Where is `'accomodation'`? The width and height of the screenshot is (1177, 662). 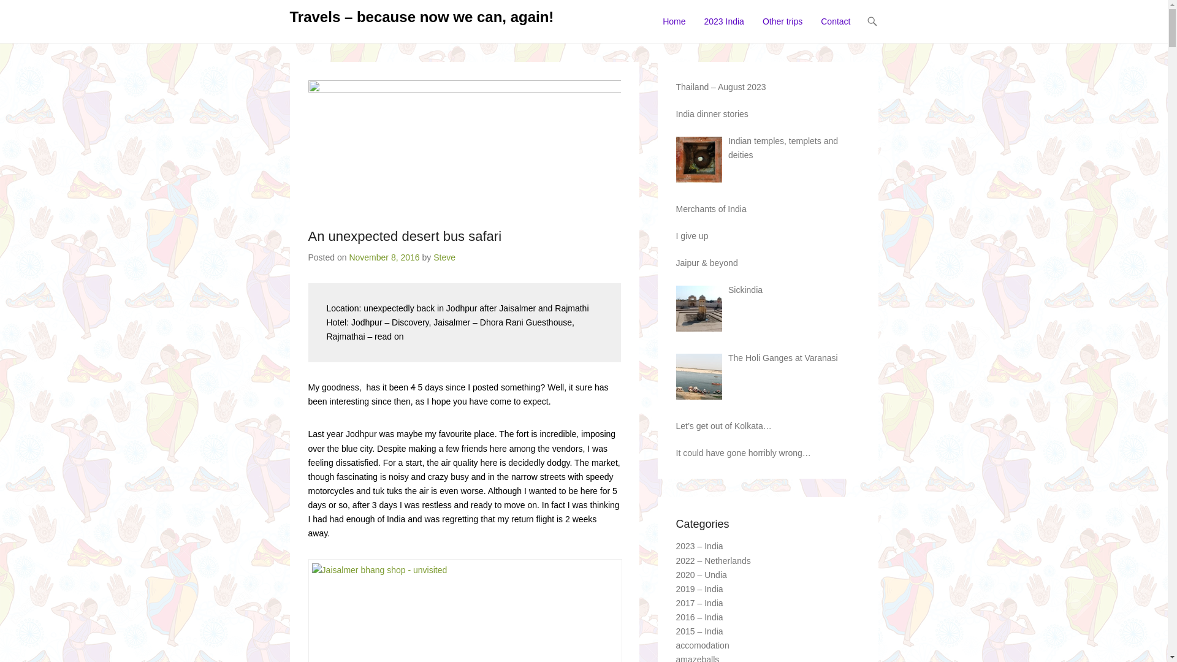
'accomodation' is located at coordinates (702, 645).